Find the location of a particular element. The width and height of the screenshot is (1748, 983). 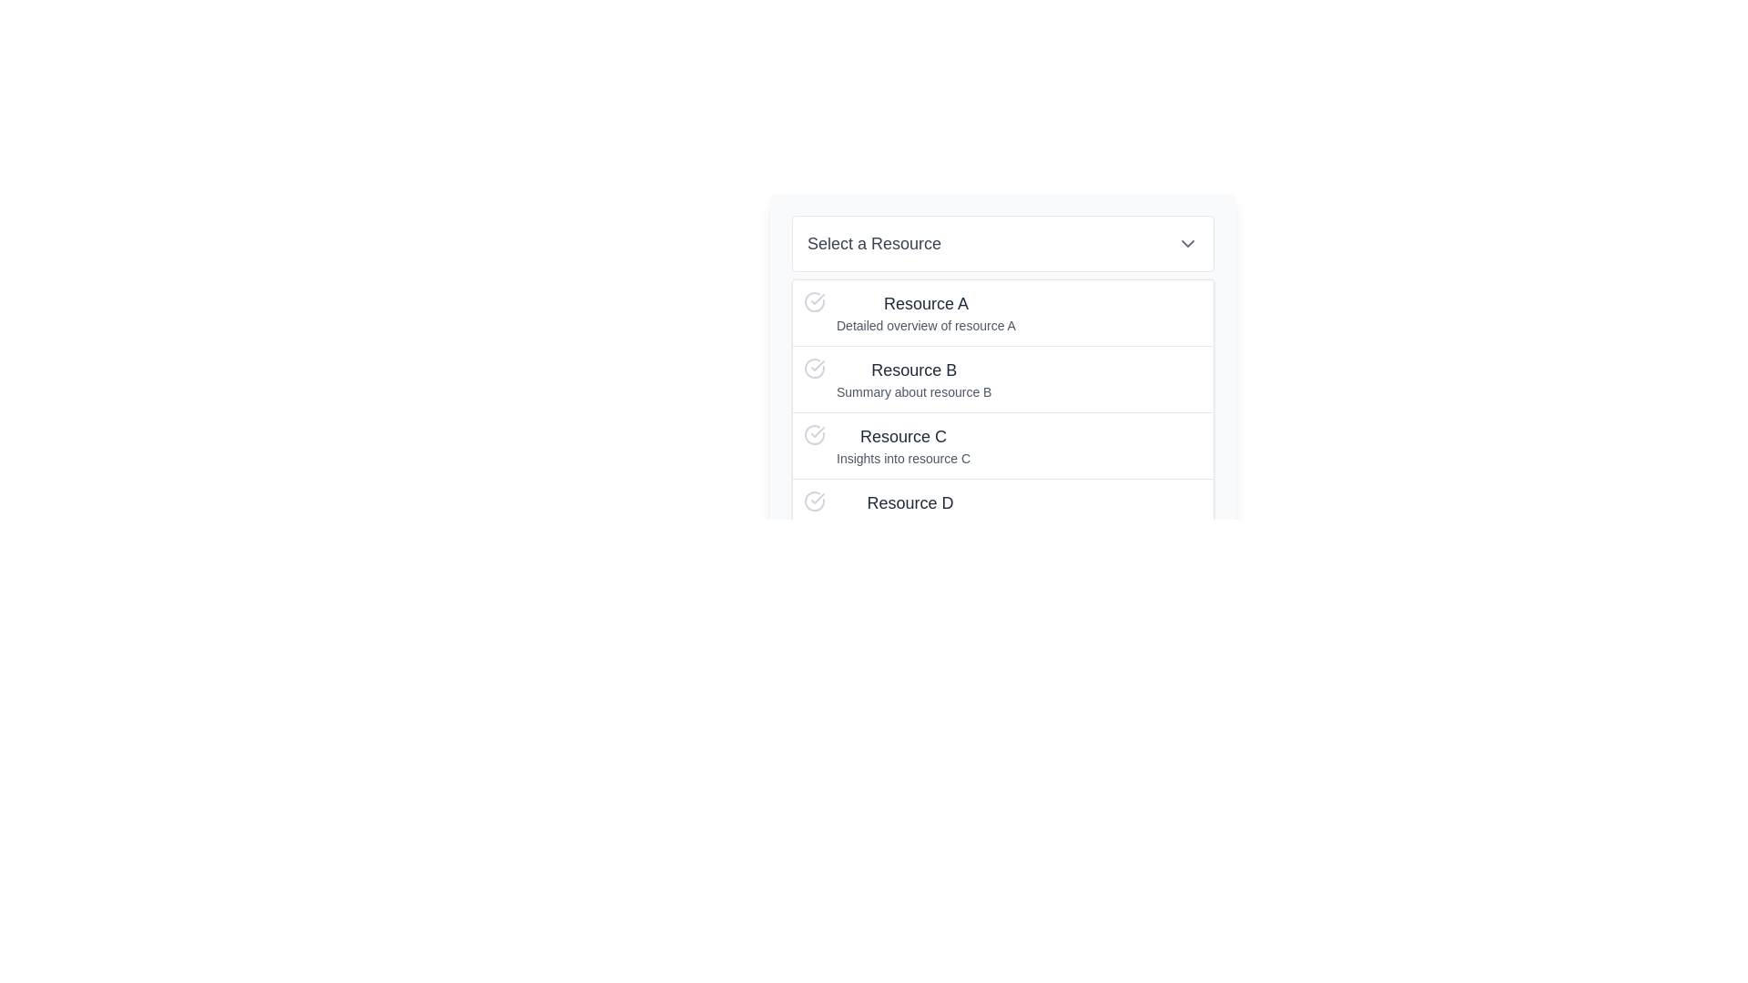

the icon that serves as a visual indicator for 'Resource C', positioned to the left of the labels 'Resource C' and 'Insights into resource C' is located at coordinates (813, 435).